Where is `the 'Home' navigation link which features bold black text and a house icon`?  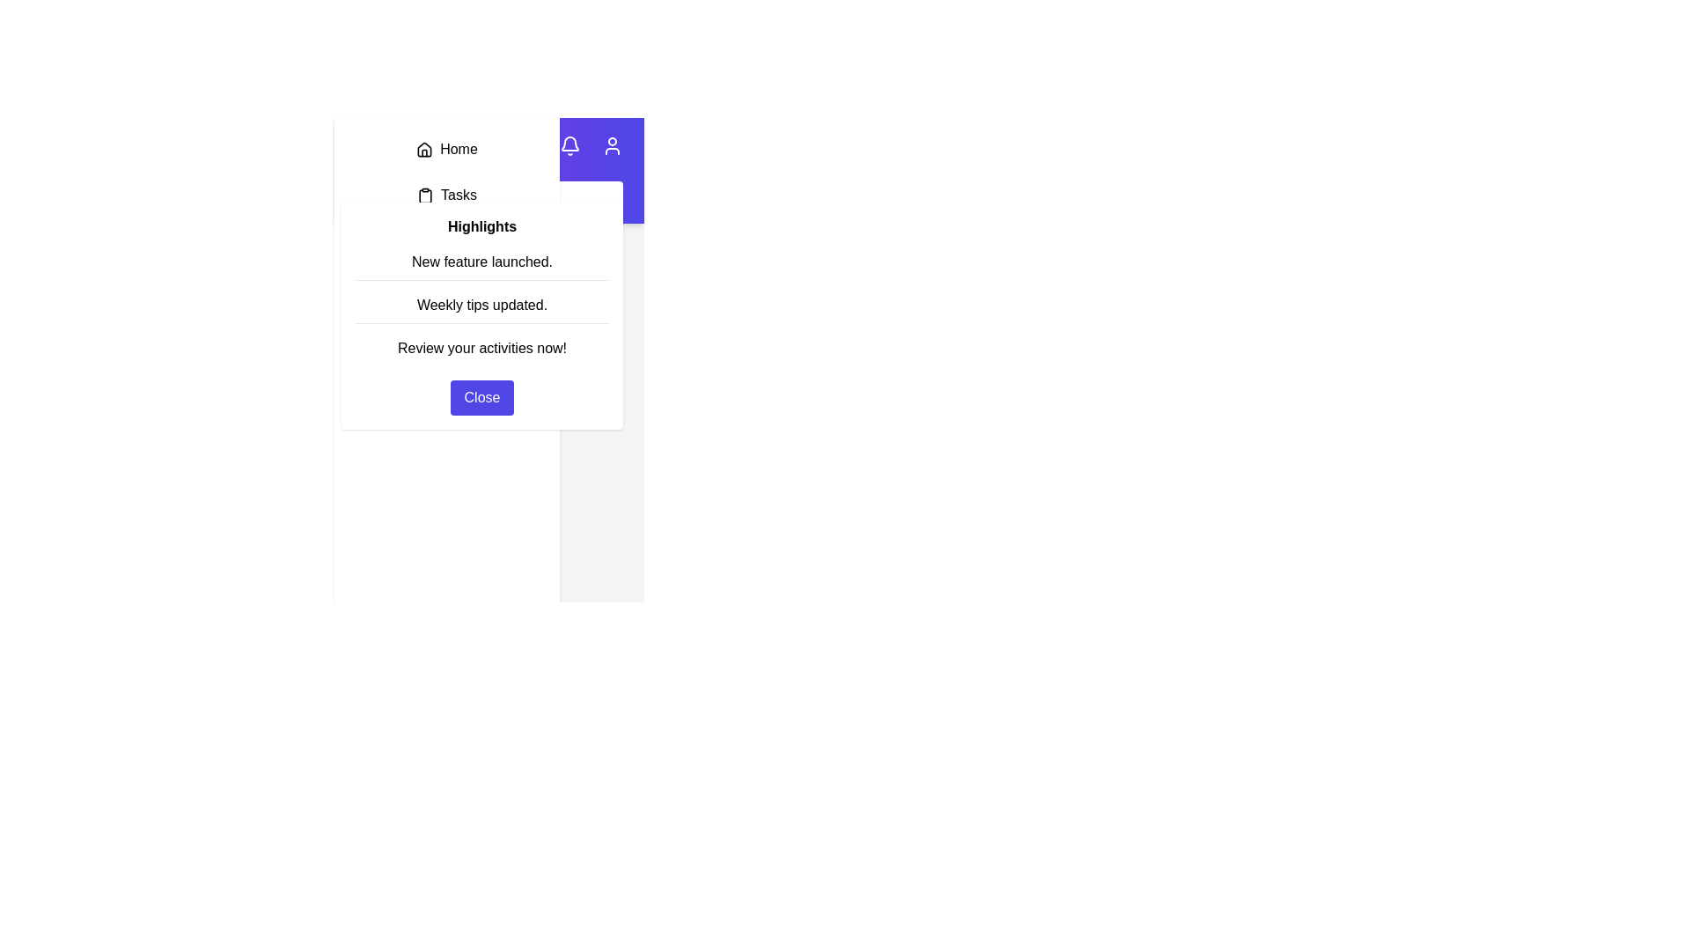 the 'Home' navigation link which features bold black text and a house icon is located at coordinates (447, 148).